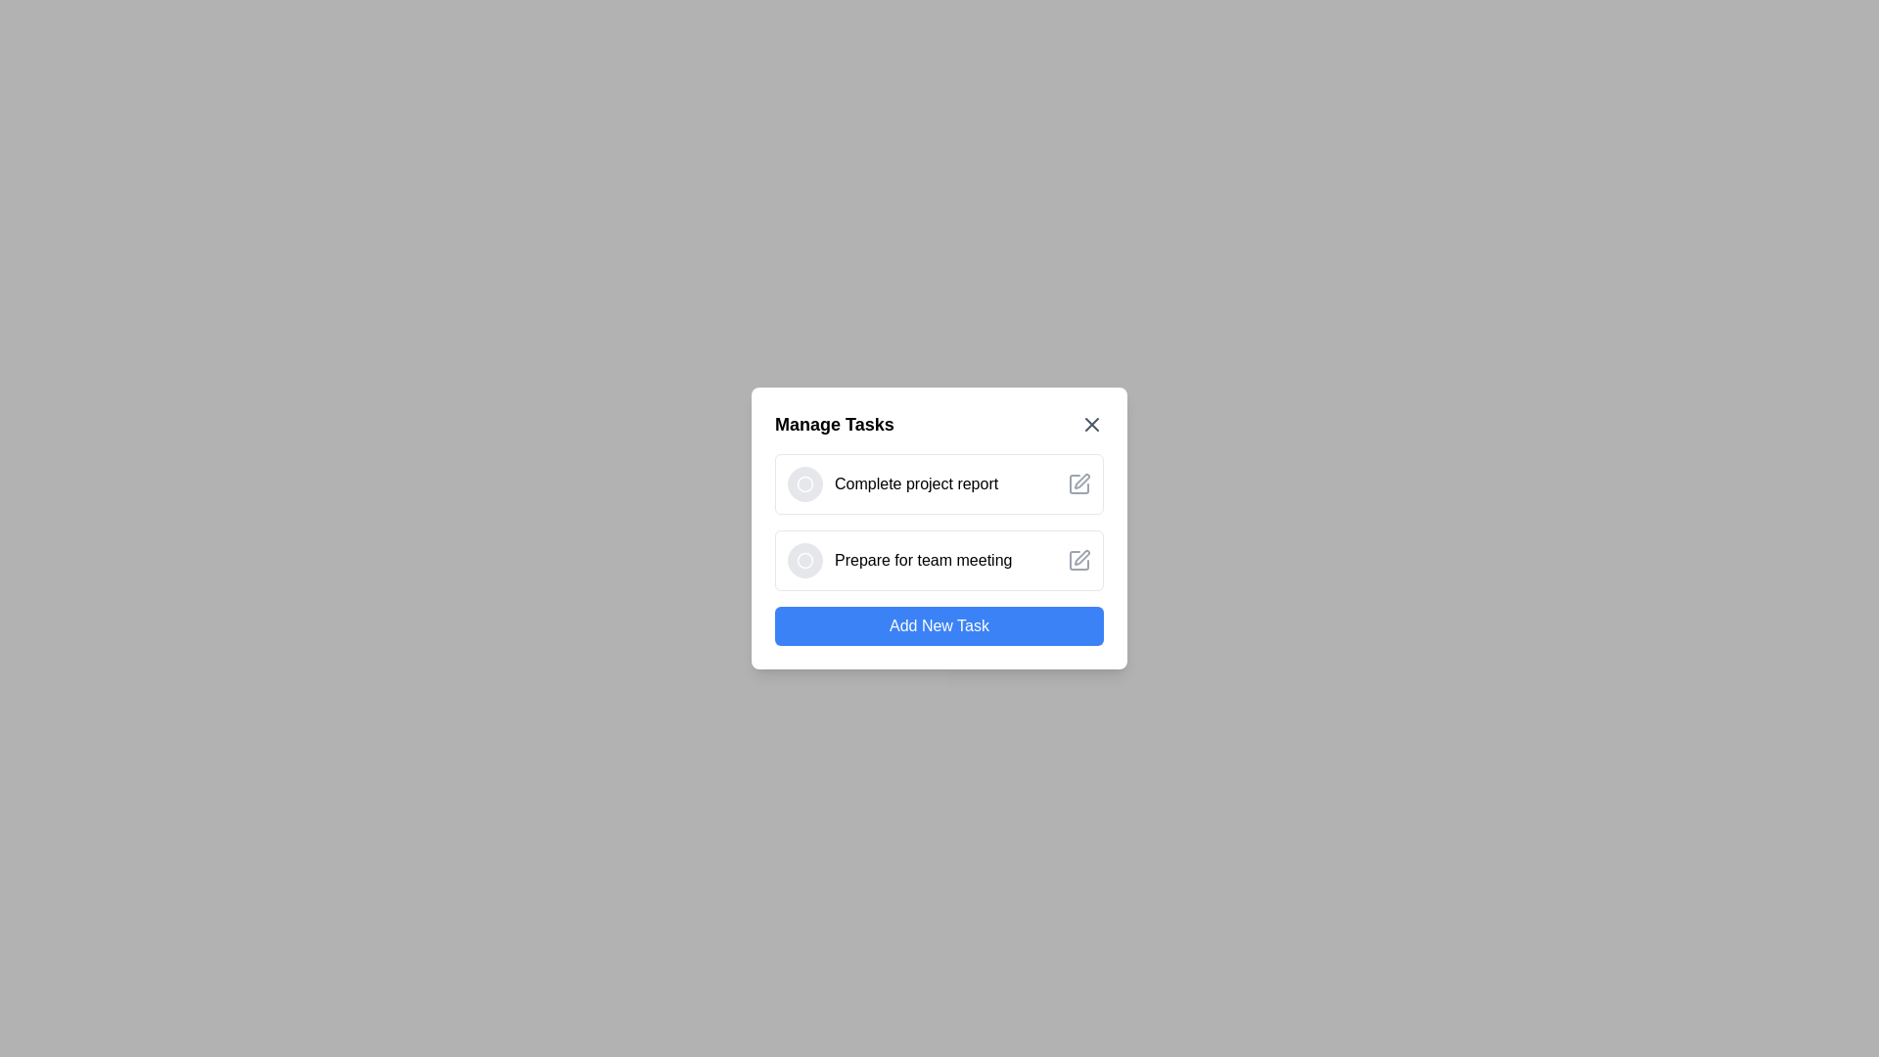 This screenshot has width=1879, height=1057. I want to click on the close button of the Task Manager Dialog, so click(1091, 424).